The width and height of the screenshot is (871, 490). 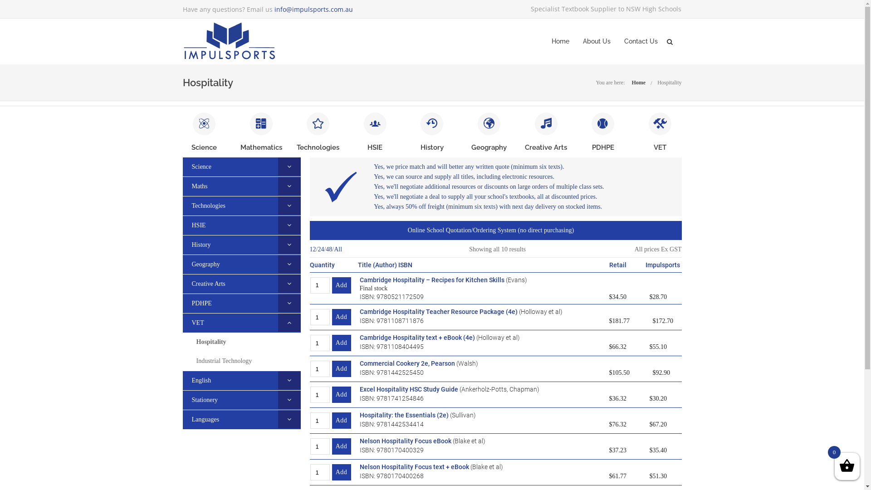 I want to click on 'Qty', so click(x=320, y=472).